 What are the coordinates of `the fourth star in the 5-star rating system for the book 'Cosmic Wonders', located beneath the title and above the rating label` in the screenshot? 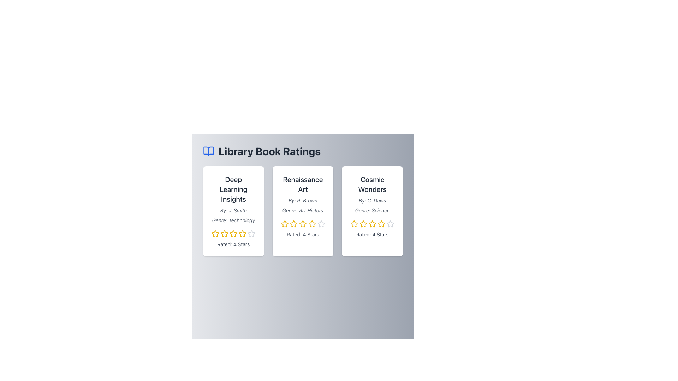 It's located at (372, 224).